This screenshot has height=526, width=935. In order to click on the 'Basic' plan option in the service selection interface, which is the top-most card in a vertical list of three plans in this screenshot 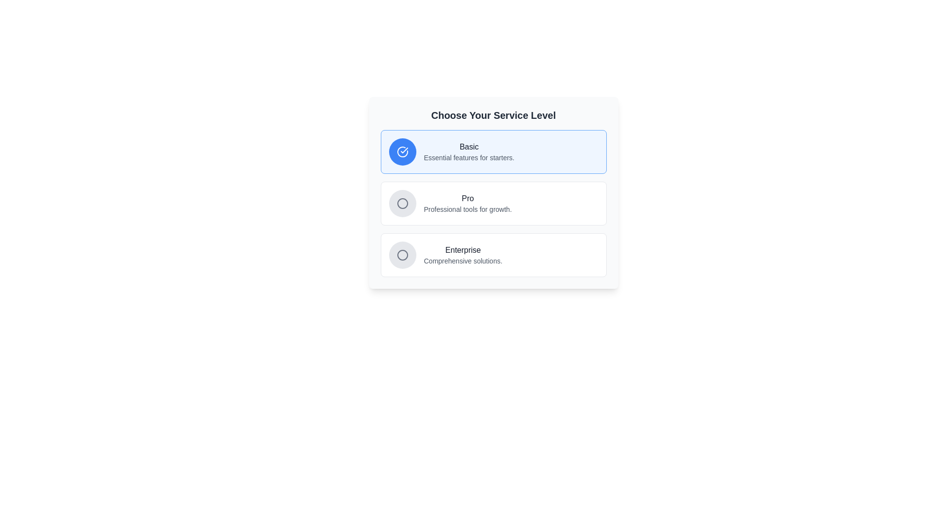, I will do `click(493, 152)`.